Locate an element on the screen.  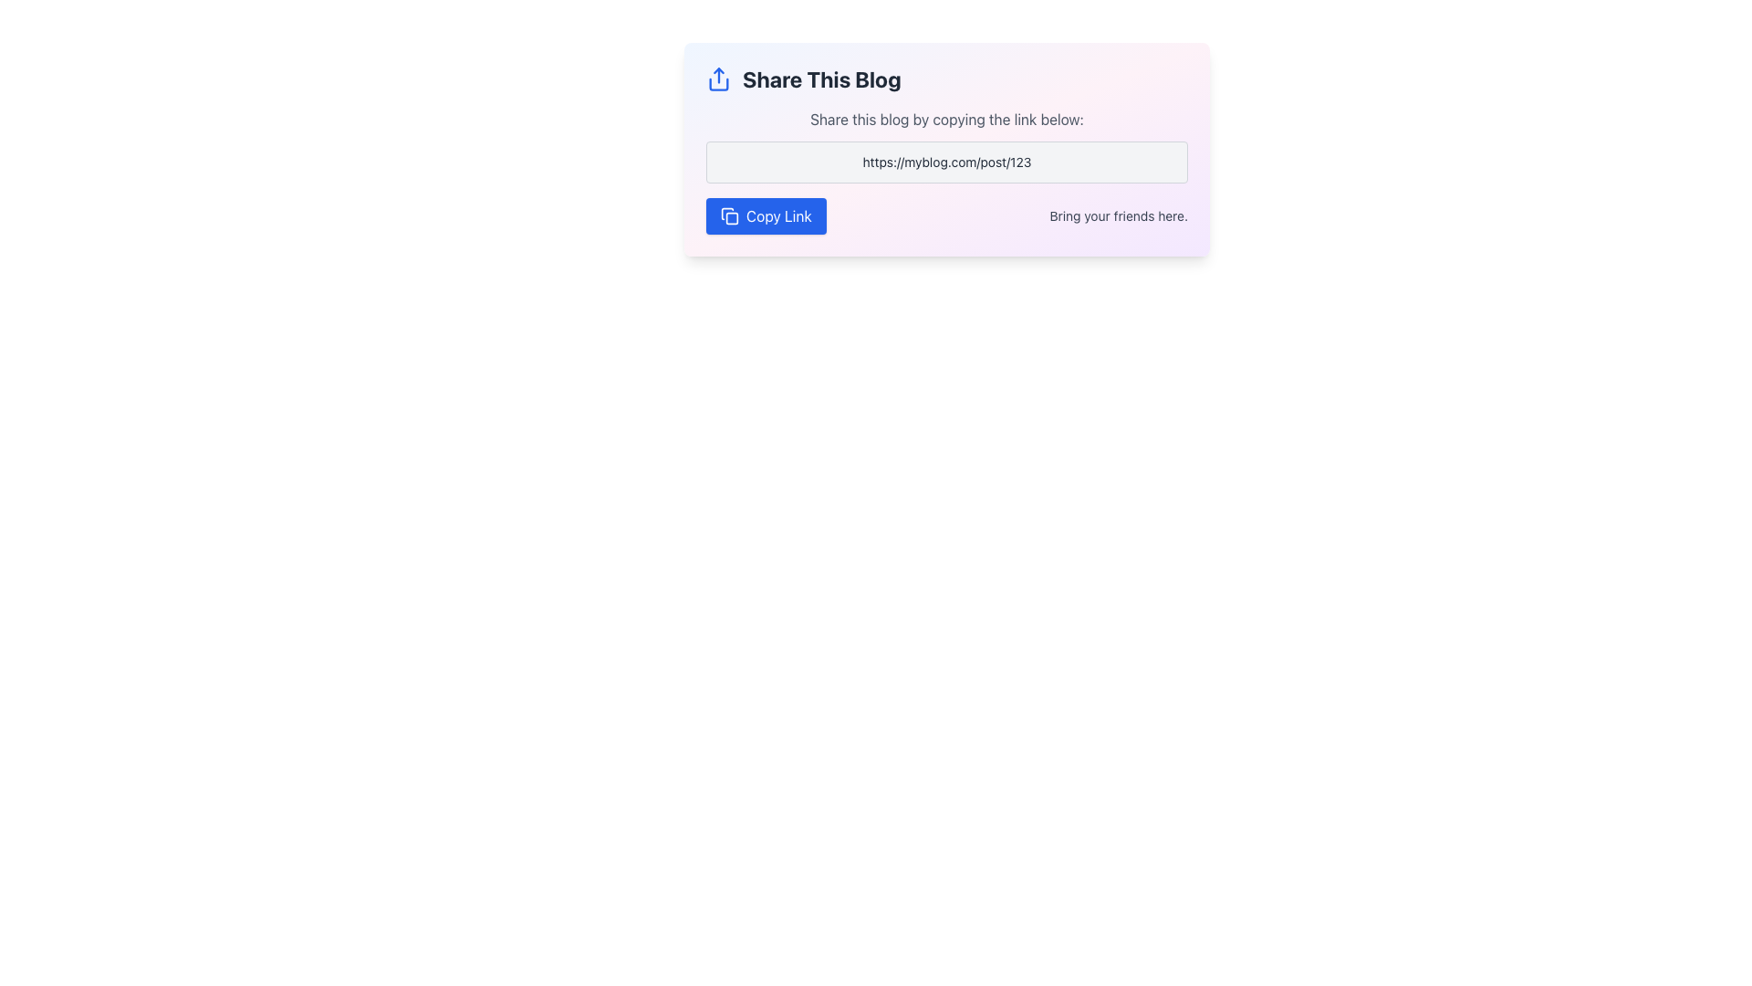
the 'Copy Link' button, which features an icon of overlapping squares with a blue background and white foreground is located at coordinates (730, 215).